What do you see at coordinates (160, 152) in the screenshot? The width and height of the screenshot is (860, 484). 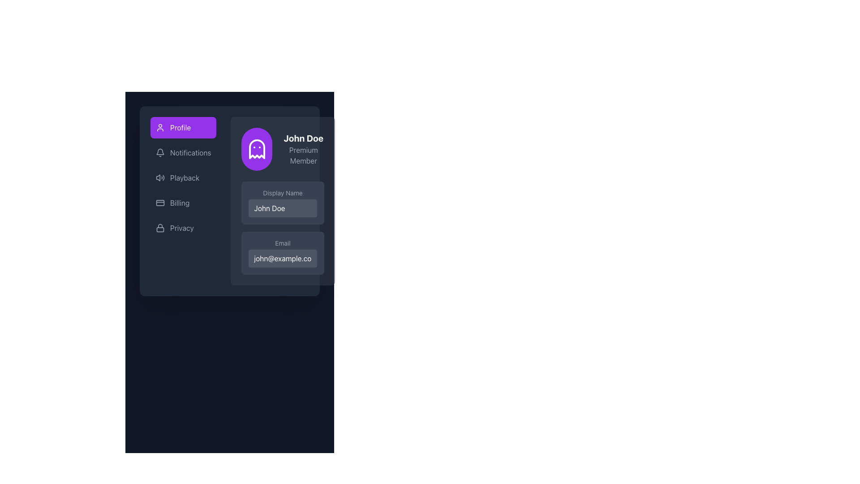 I see `the notifications icon located to the left of the 'Notifications' label in the menu` at bounding box center [160, 152].